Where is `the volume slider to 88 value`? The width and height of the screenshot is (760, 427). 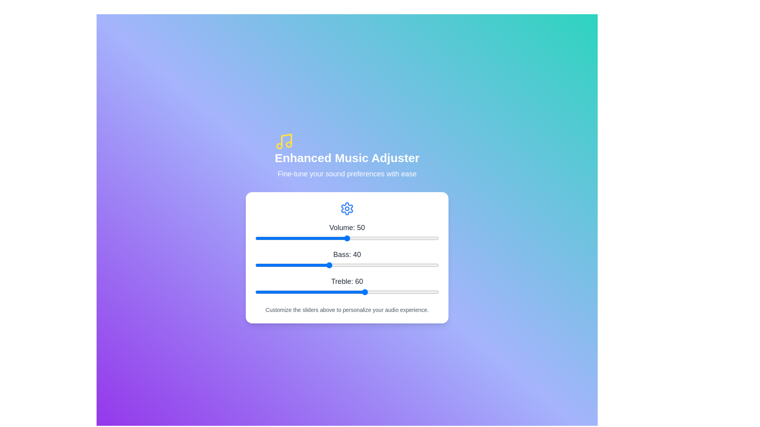
the volume slider to 88 value is located at coordinates (416, 238).